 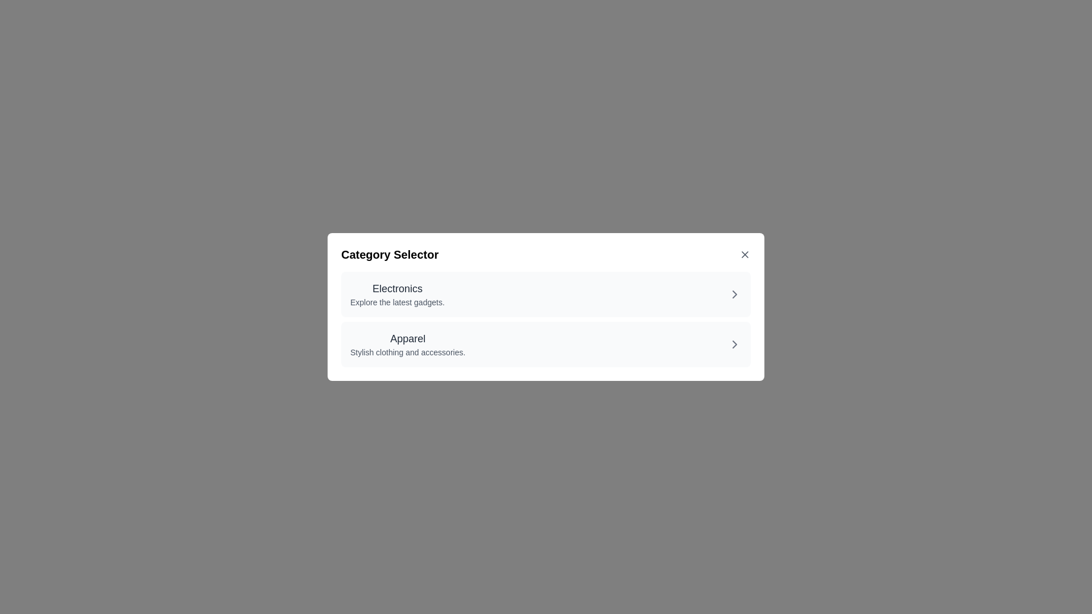 What do you see at coordinates (745, 254) in the screenshot?
I see `the close button icon located in the top-right corner of the modal` at bounding box center [745, 254].